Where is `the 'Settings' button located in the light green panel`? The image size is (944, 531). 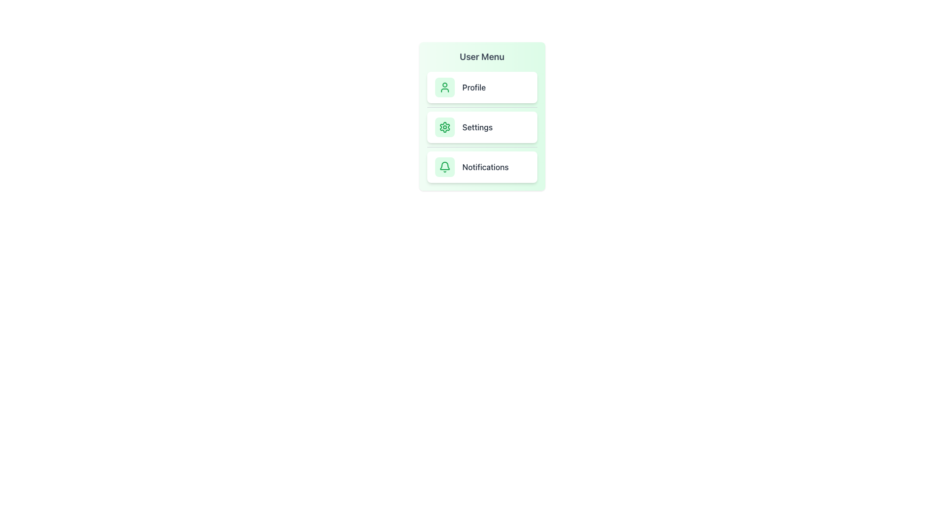 the 'Settings' button located in the light green panel is located at coordinates (482, 116).